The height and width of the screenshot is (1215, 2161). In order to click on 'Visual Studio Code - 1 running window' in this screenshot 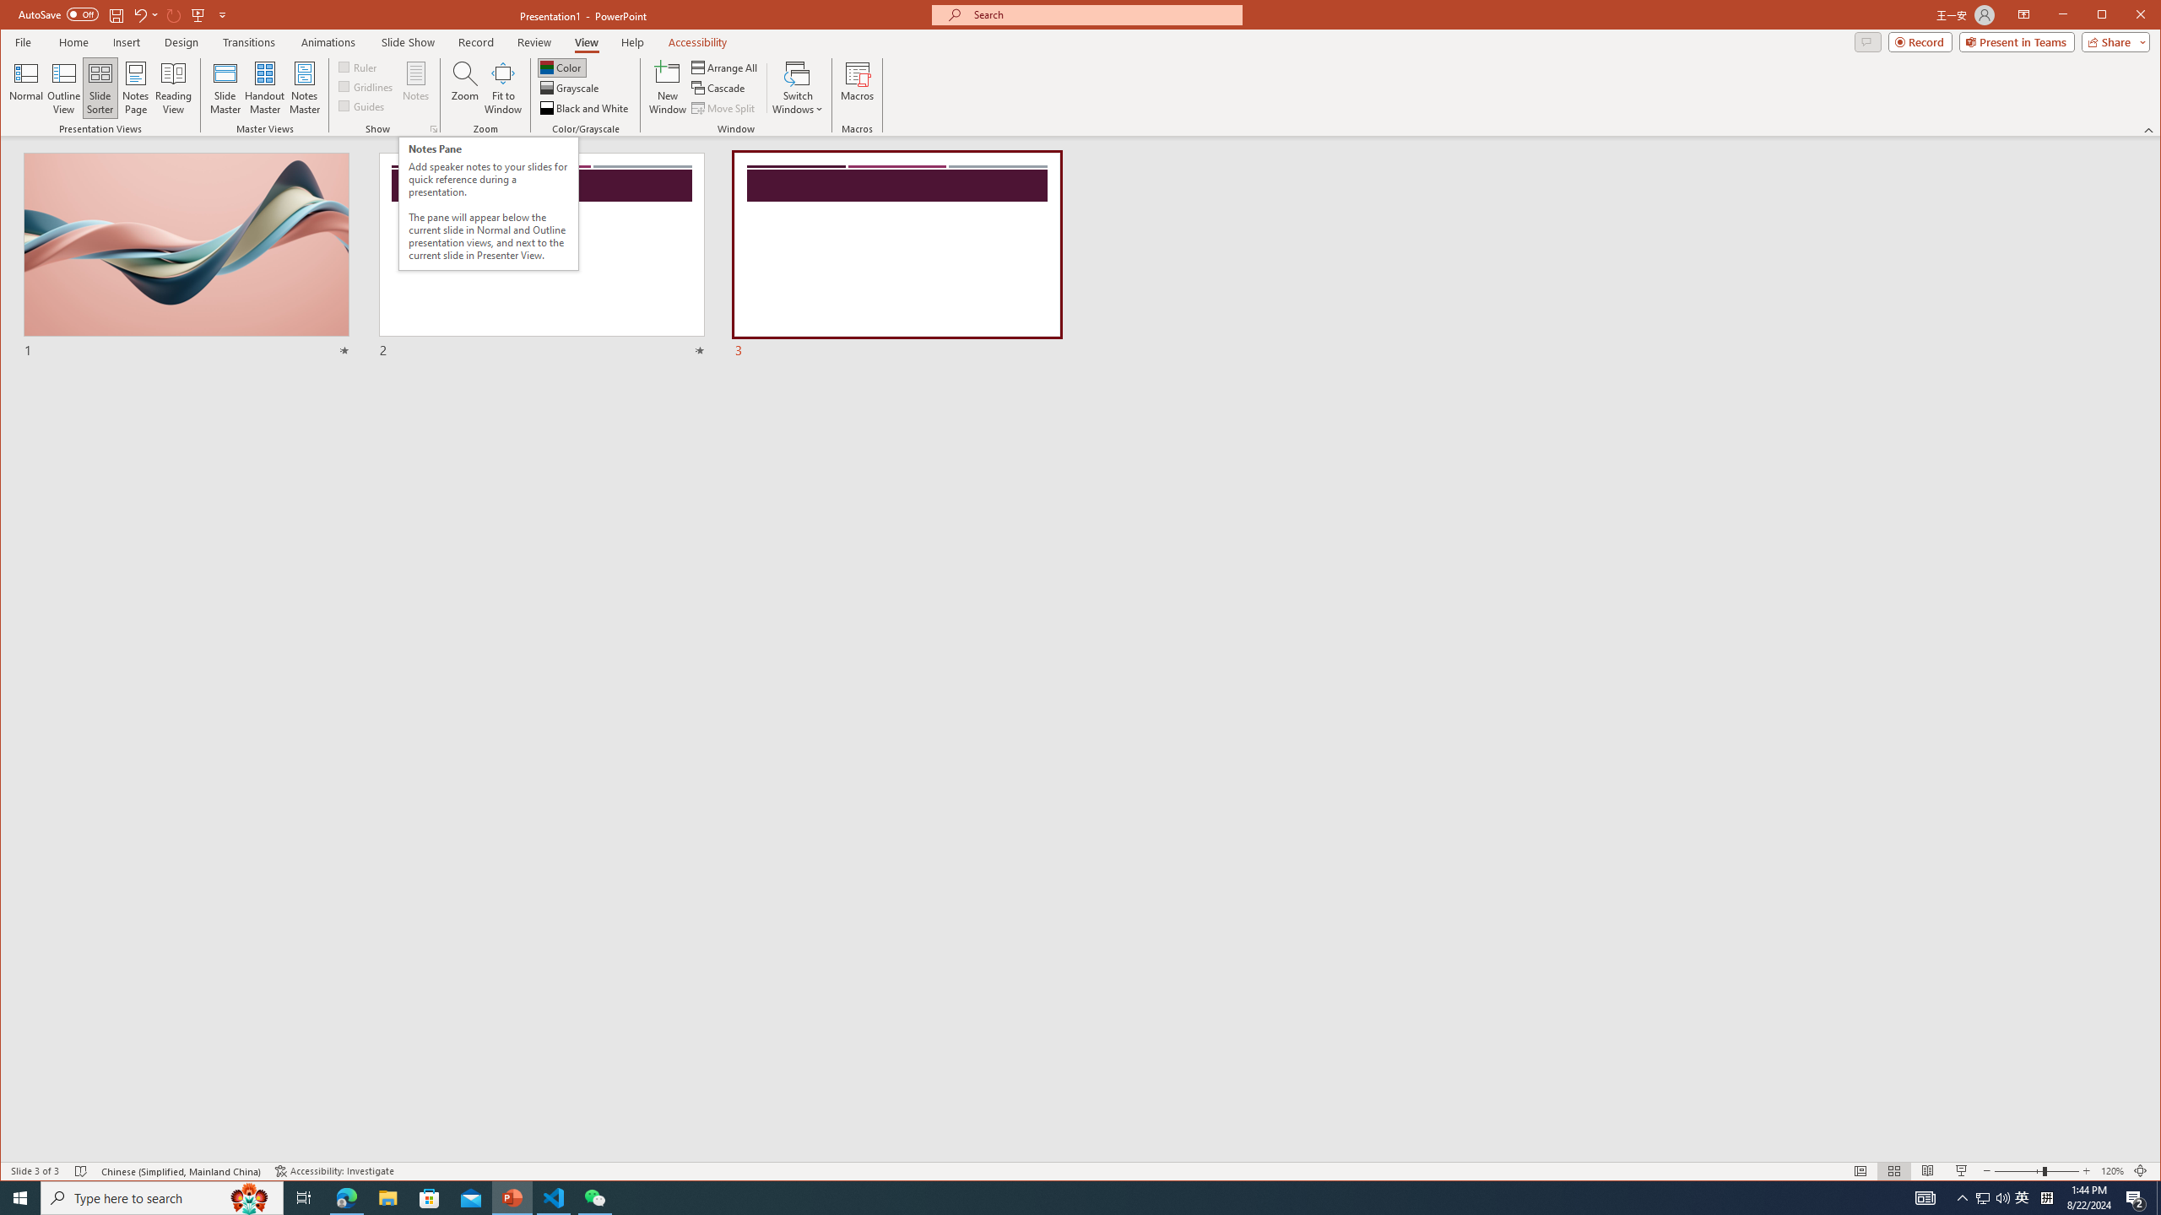, I will do `click(554, 1196)`.